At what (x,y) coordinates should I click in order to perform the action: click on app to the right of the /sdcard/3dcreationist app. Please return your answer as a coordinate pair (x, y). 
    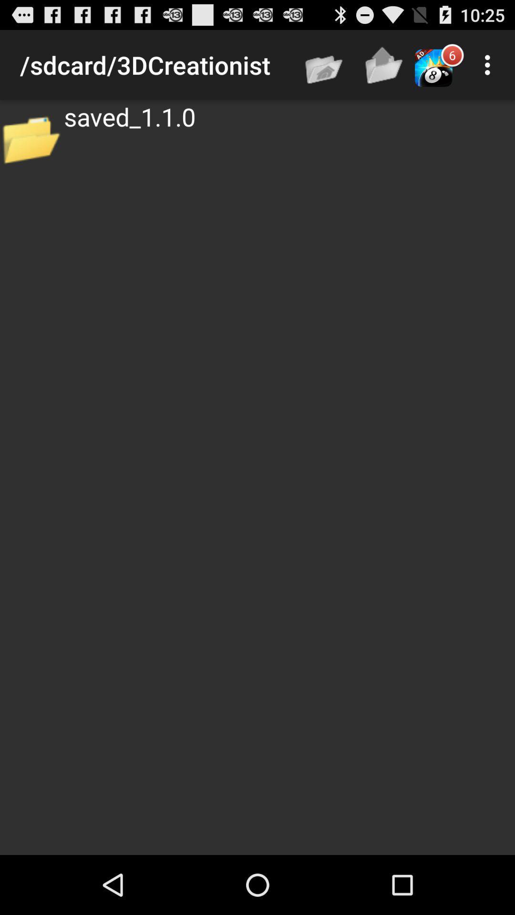
    Looking at the image, I should click on (324, 64).